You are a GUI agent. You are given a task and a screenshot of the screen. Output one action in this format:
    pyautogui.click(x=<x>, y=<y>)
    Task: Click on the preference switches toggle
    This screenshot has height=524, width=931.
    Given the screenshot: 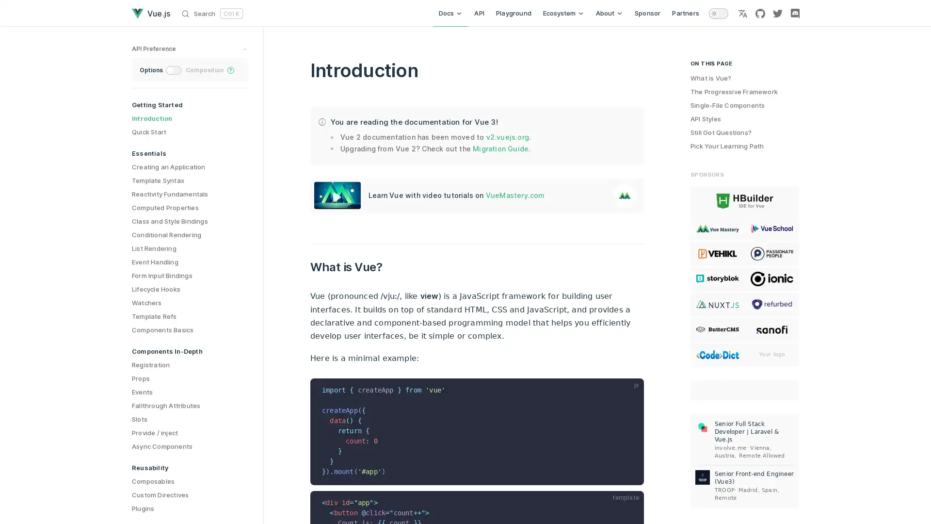 What is the action you would take?
    pyautogui.click(x=190, y=49)
    